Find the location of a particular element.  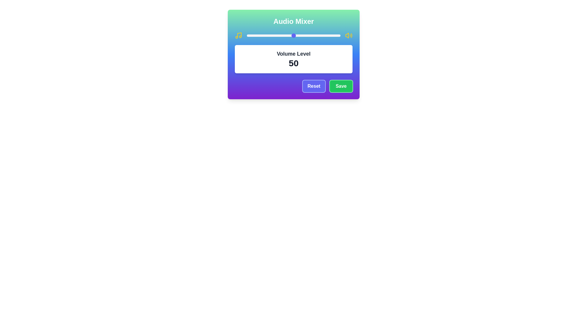

bold text displaying the number '50' located centrally within the white background of the 'Volume Level' panel is located at coordinates (294, 63).